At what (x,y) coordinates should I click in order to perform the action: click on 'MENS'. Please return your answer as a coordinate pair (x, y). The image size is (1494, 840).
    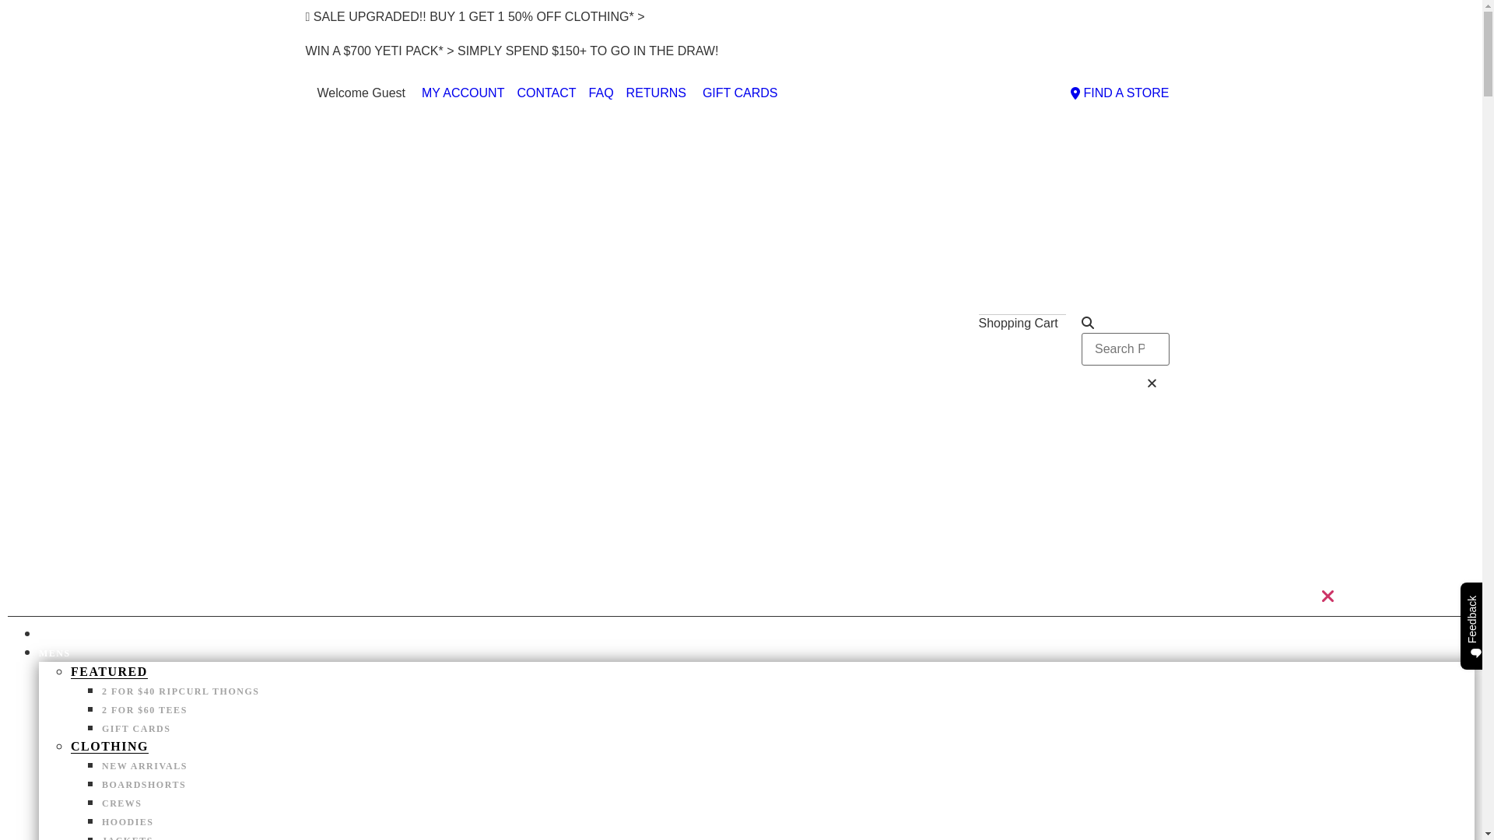
    Looking at the image, I should click on (38, 653).